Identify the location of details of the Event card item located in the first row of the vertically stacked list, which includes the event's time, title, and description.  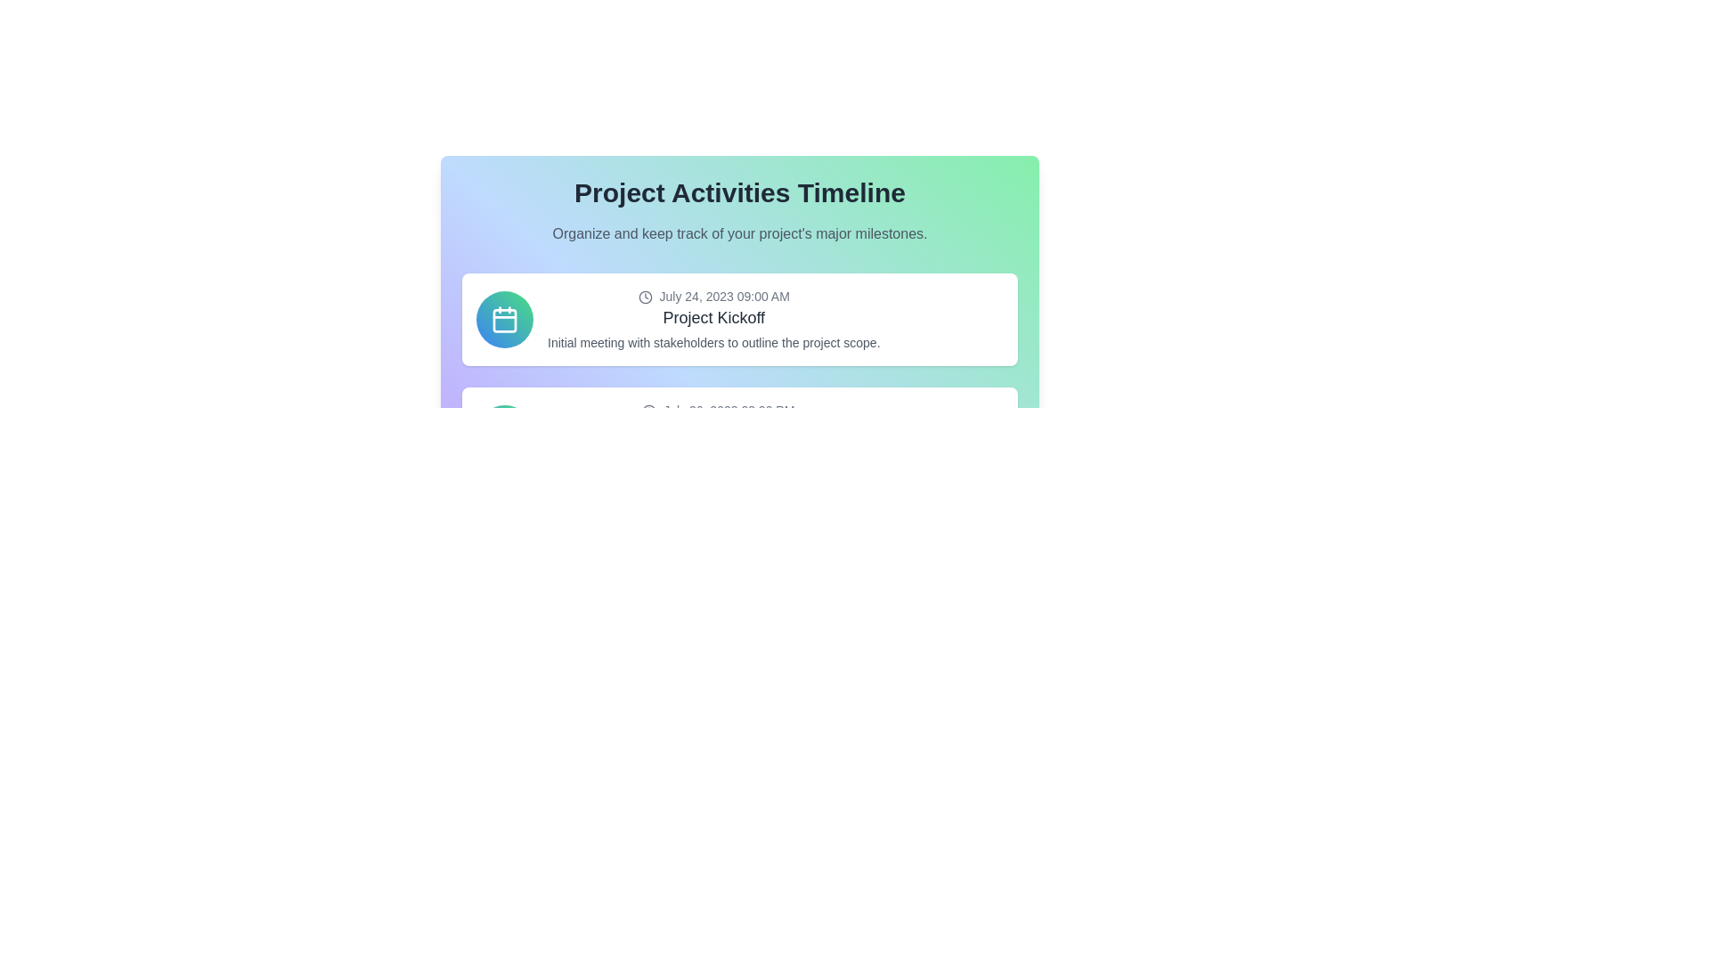
(713, 318).